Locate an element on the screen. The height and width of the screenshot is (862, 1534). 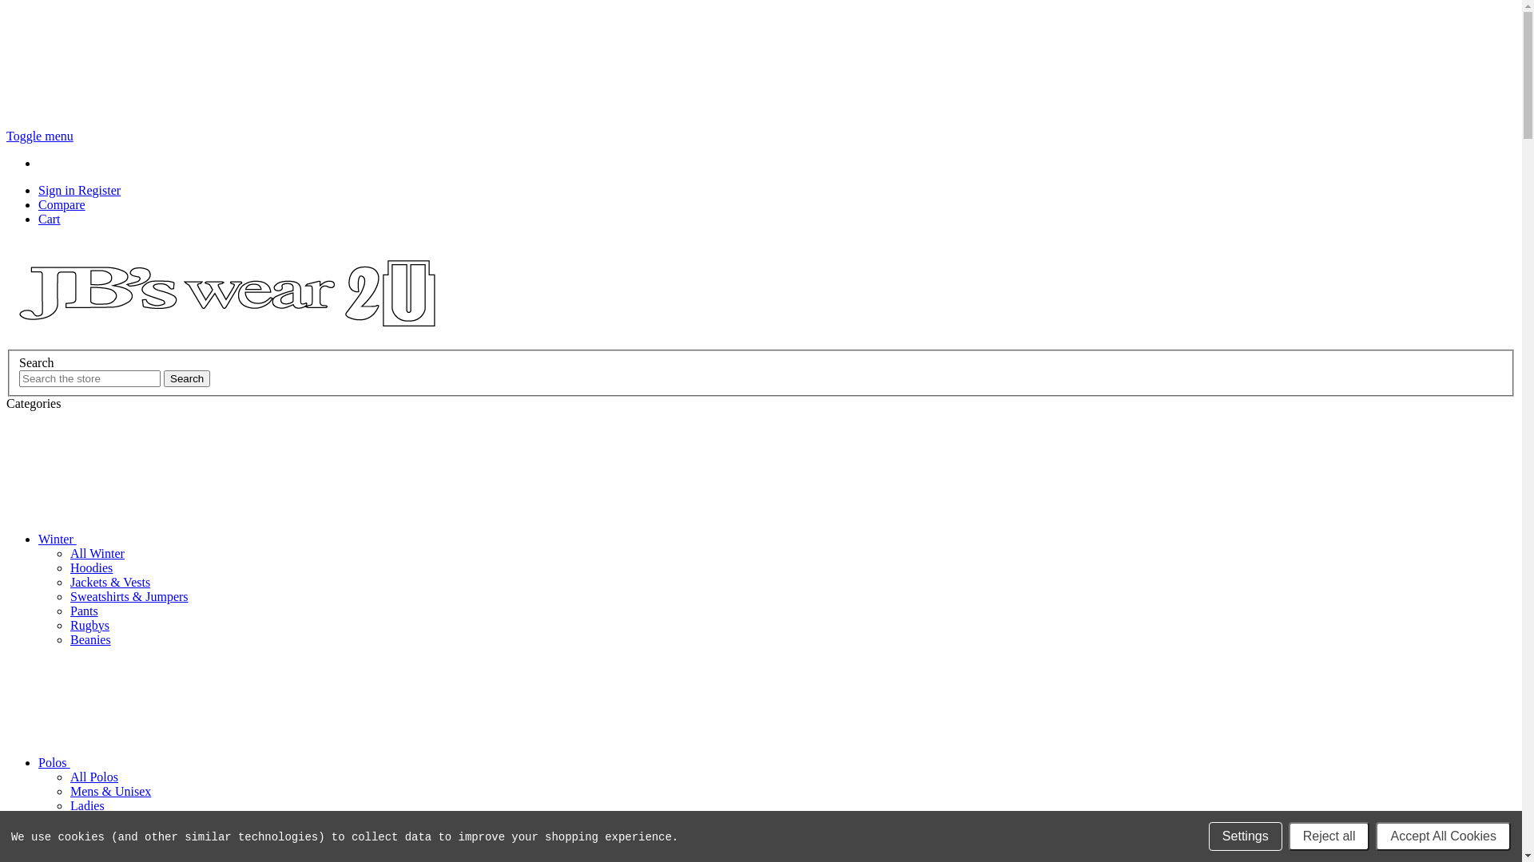
'Register' is located at coordinates (98, 189).